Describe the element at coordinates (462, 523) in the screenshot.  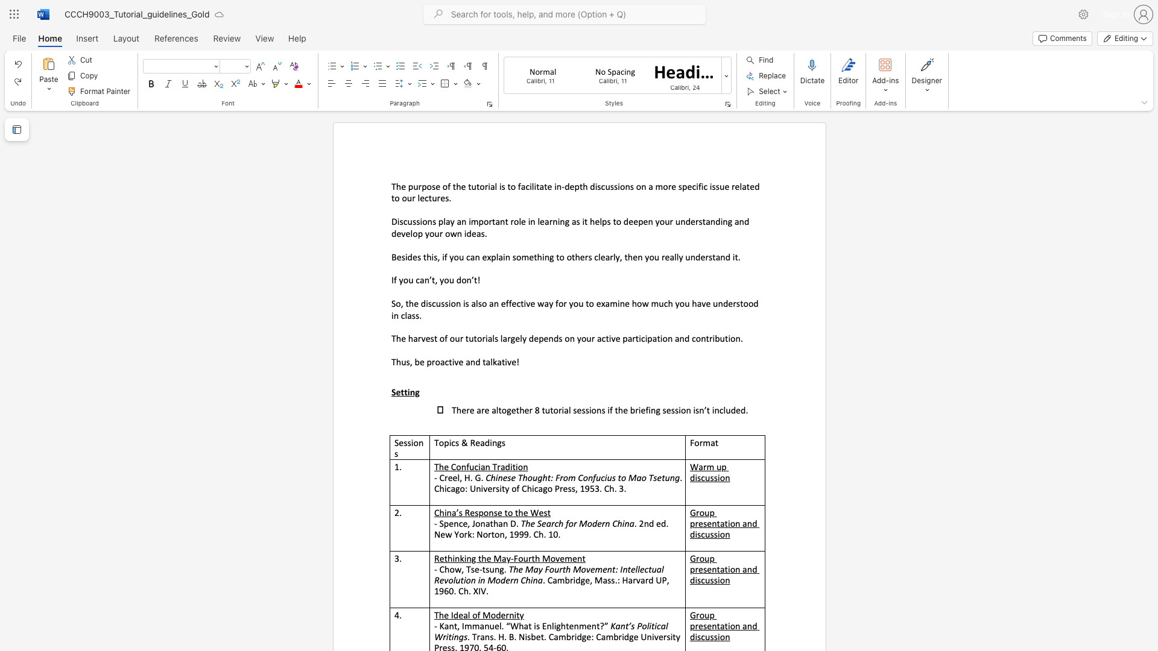
I see `the subset text "e," within the text "- Spence, Jonathan D."` at that location.